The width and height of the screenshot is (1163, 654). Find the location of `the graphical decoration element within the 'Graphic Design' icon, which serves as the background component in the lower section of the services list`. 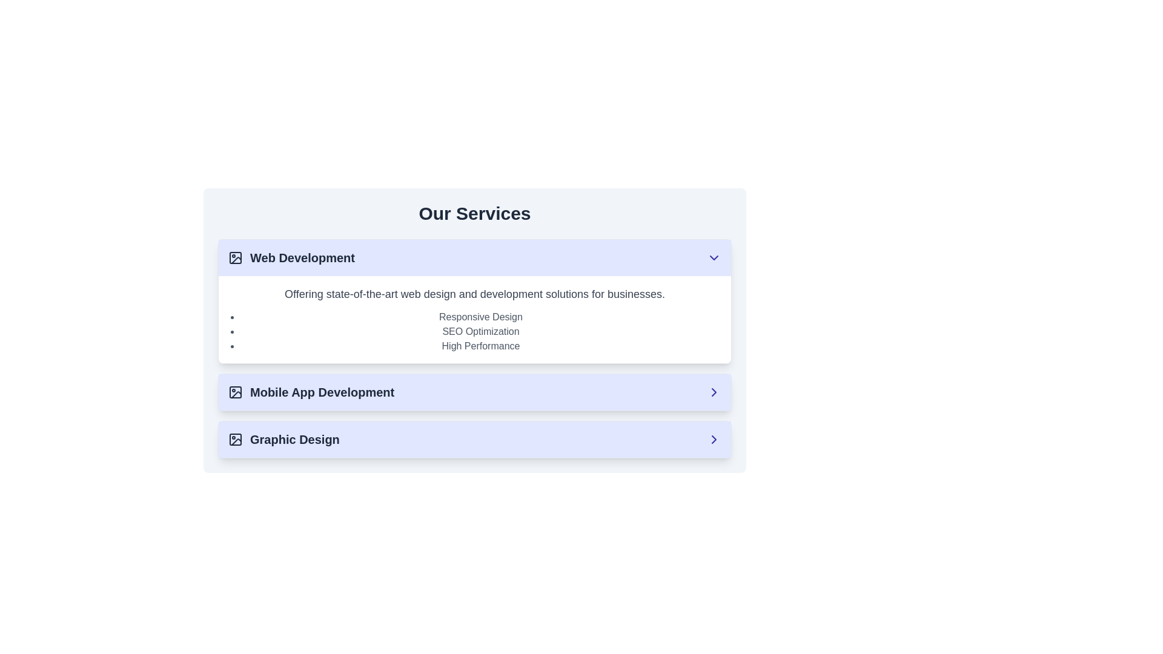

the graphical decoration element within the 'Graphic Design' icon, which serves as the background component in the lower section of the services list is located at coordinates (235, 439).